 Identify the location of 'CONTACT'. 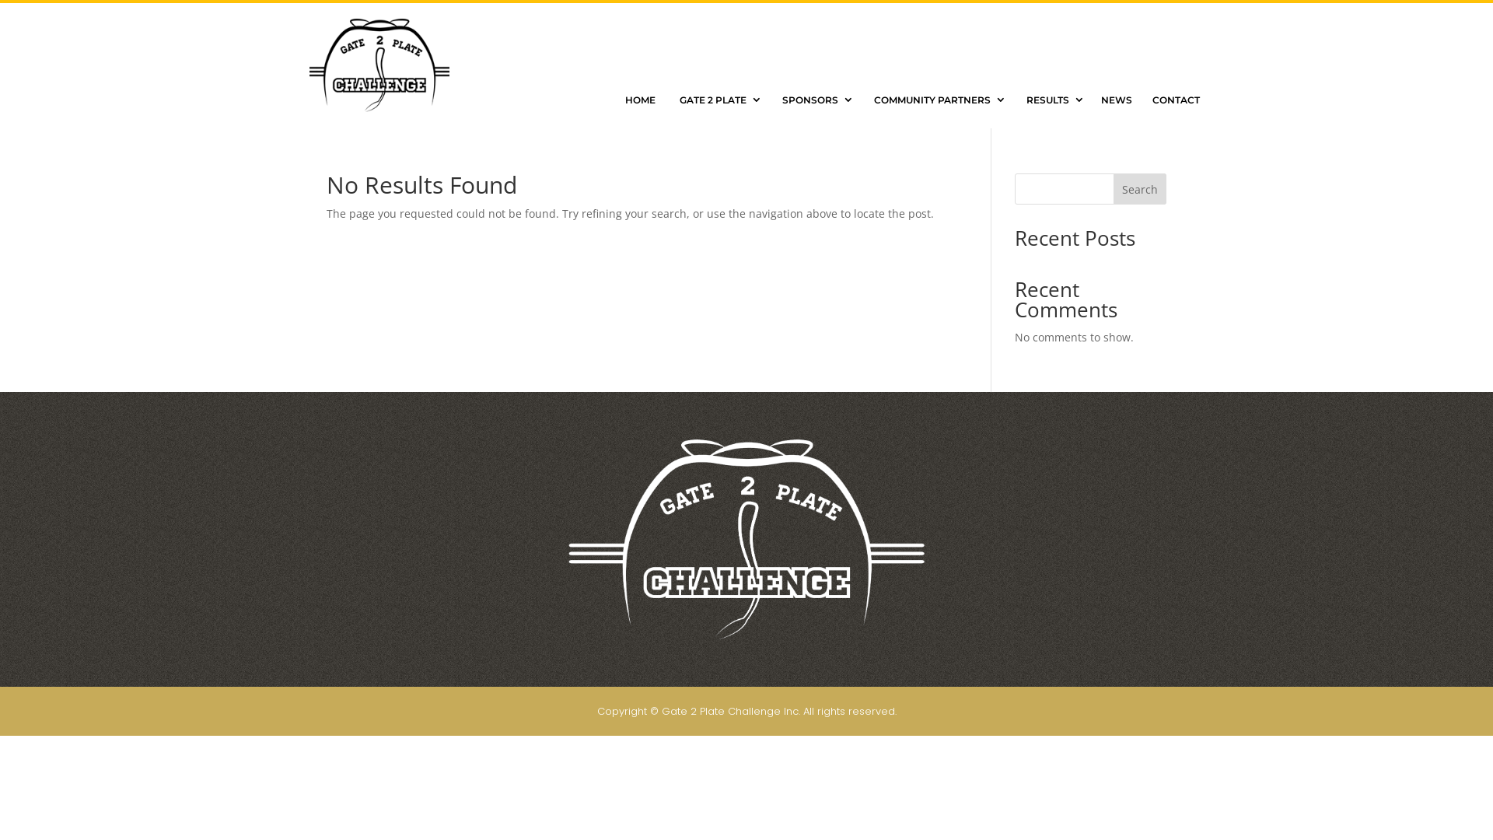
(1176, 100).